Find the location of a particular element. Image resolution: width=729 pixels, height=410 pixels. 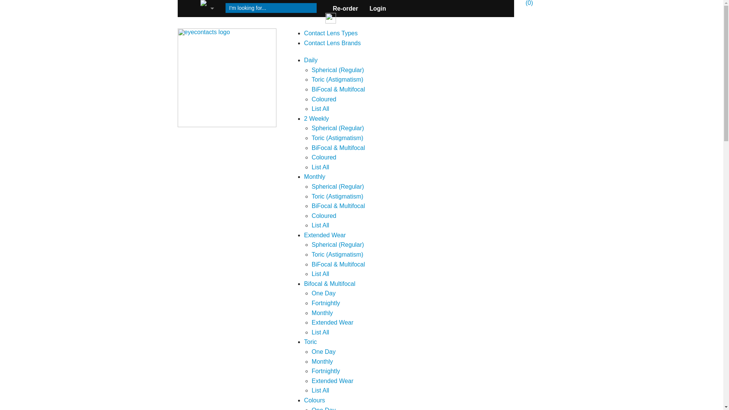

'Contact Lens Brands' is located at coordinates (332, 43).